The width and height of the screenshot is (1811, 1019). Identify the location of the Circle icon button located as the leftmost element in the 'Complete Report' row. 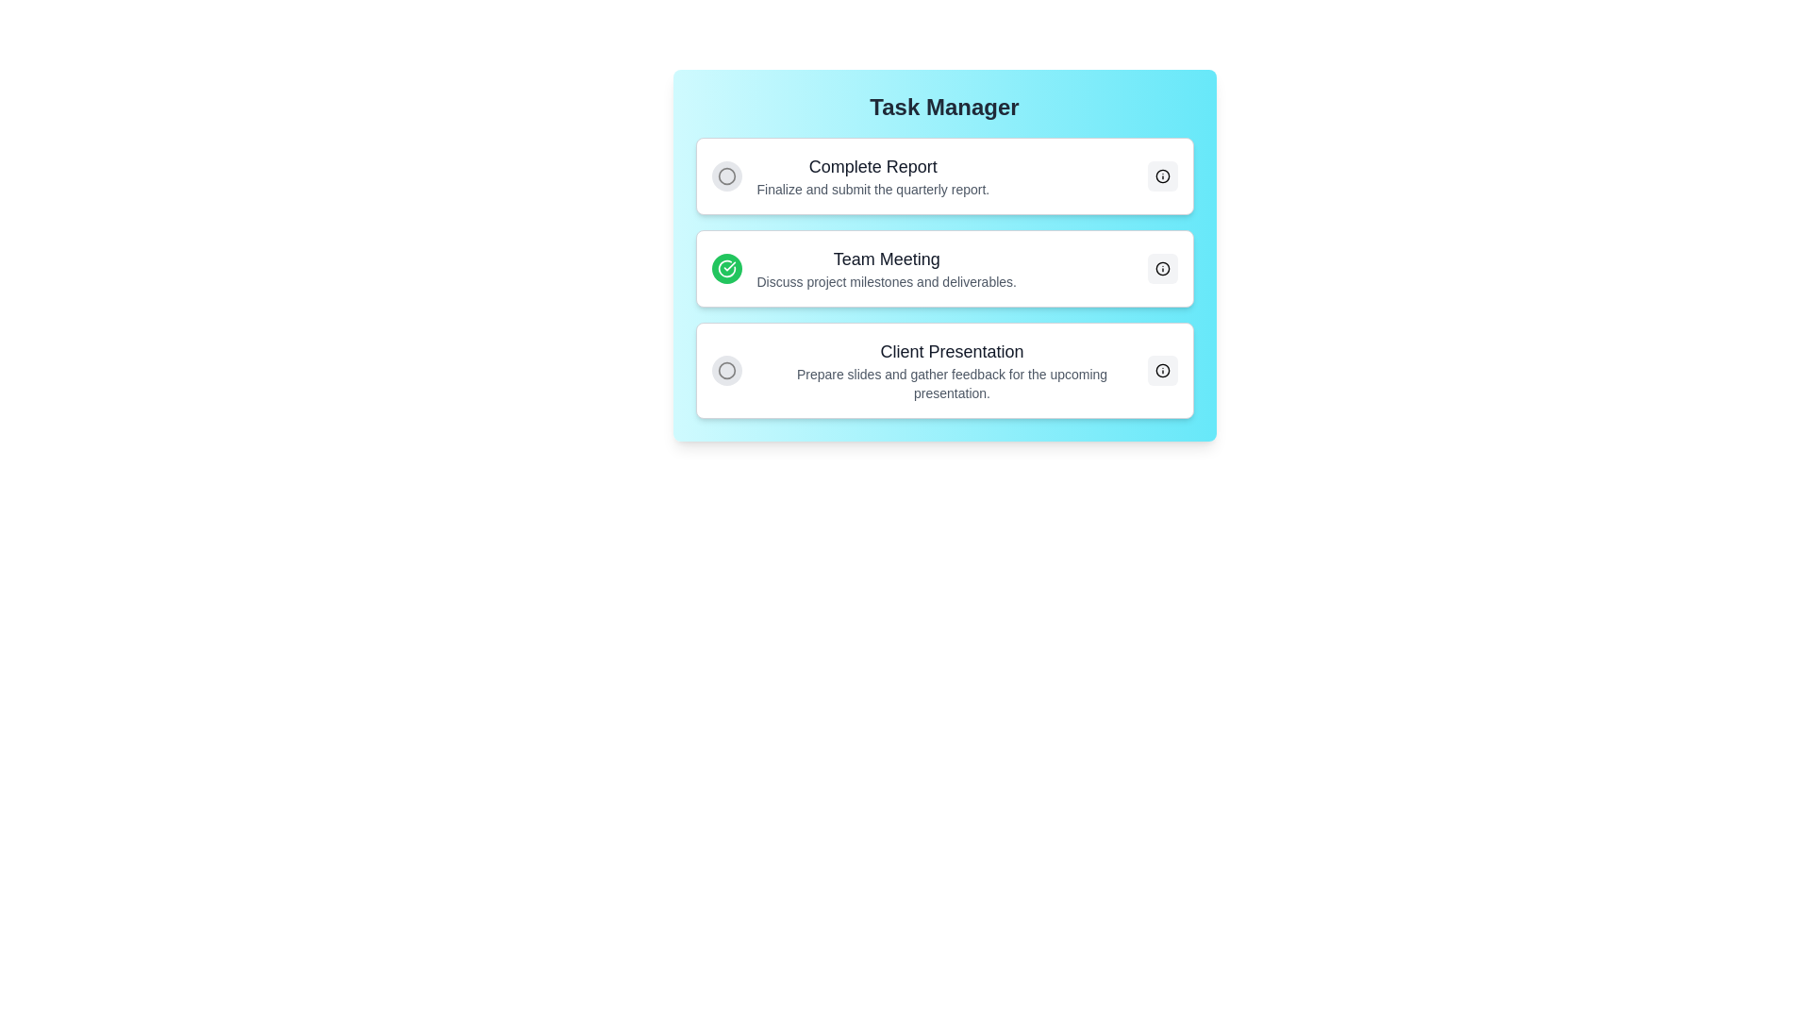
(725, 175).